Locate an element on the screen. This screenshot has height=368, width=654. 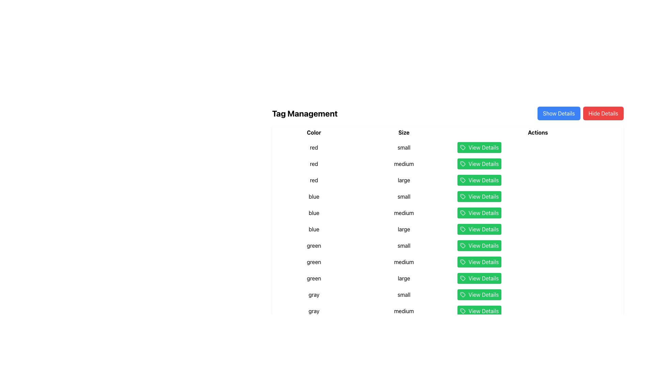
the visual indicator icon for the 'View Details' button located in the 'Actions' column of the grid layout for the 'green' color and 'large' size row is located at coordinates (463, 278).